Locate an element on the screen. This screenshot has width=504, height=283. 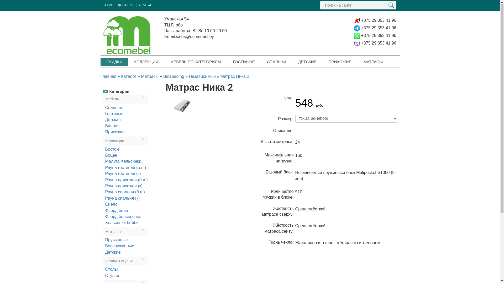
'Telegram' is located at coordinates (357, 28).